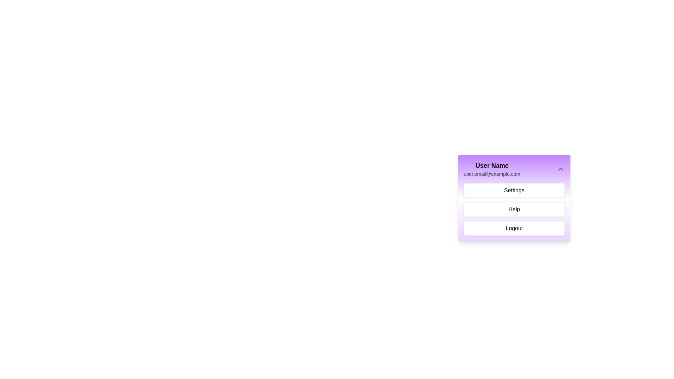 This screenshot has width=674, height=379. I want to click on the 'Help' option in the profile menu, so click(514, 209).